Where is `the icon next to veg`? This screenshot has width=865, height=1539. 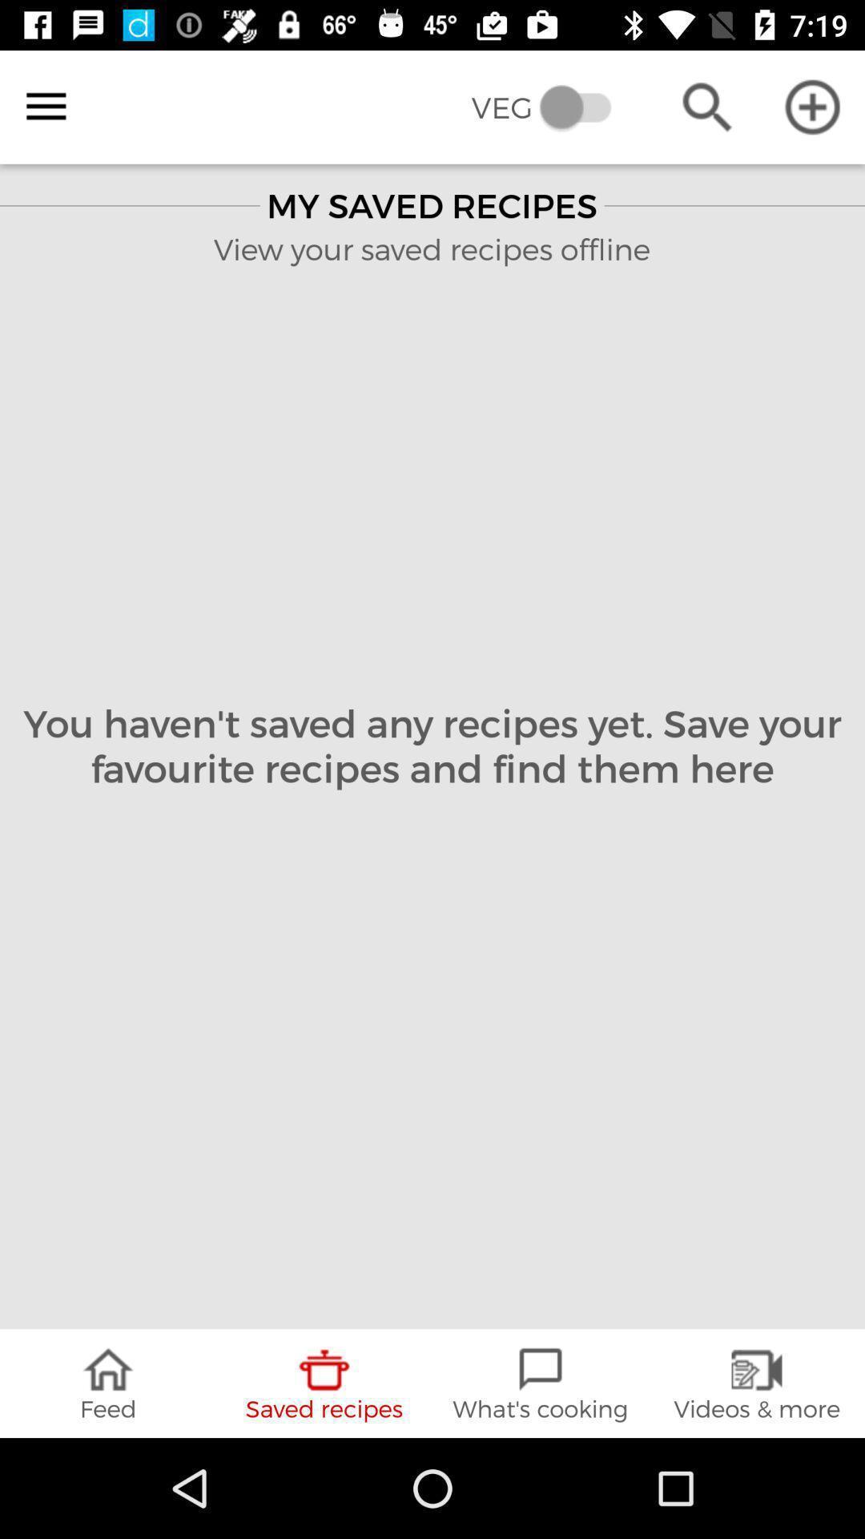
the icon next to veg is located at coordinates (45, 106).